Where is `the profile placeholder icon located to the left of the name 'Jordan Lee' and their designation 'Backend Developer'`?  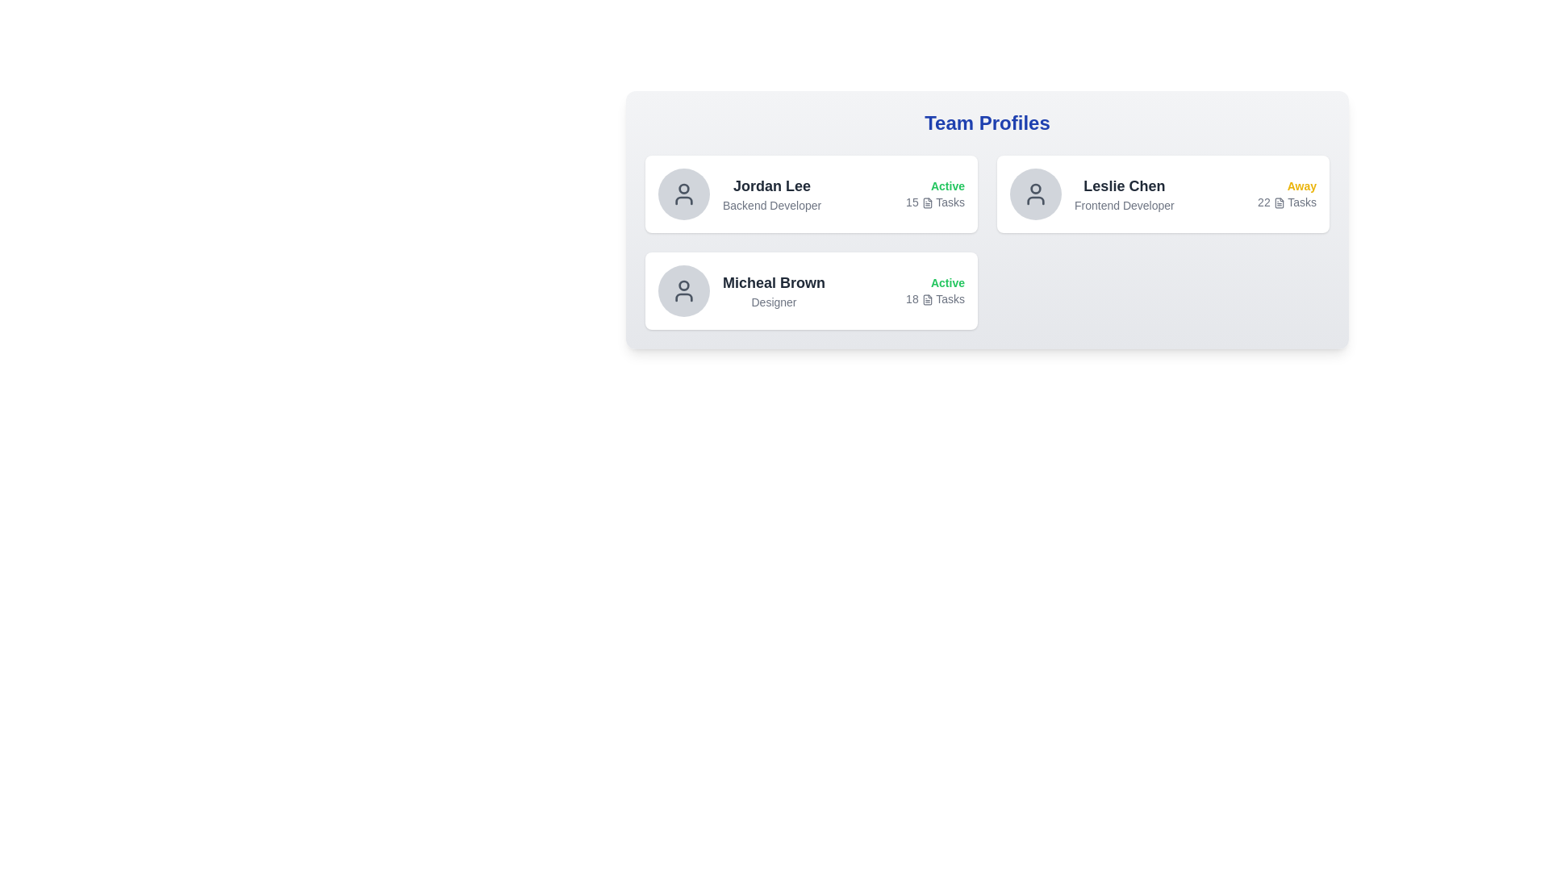
the profile placeholder icon located to the left of the name 'Jordan Lee' and their designation 'Backend Developer' is located at coordinates (684, 193).